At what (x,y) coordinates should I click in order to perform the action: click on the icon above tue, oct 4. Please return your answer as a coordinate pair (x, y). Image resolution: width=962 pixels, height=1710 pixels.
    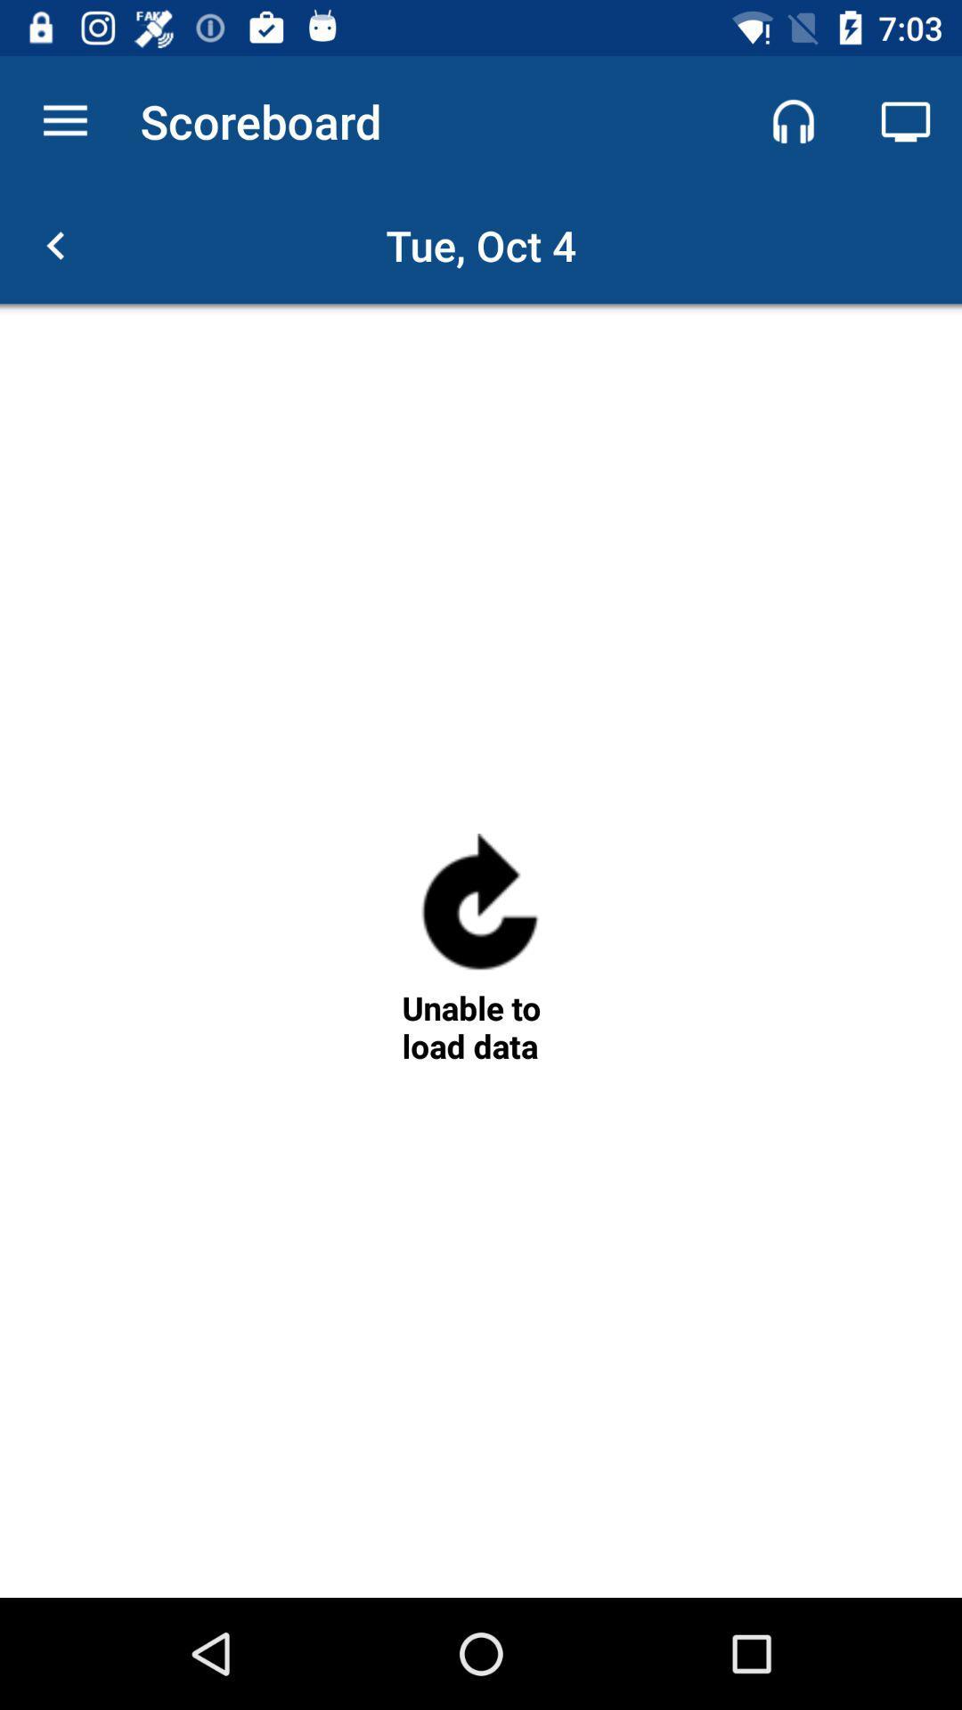
    Looking at the image, I should click on (793, 120).